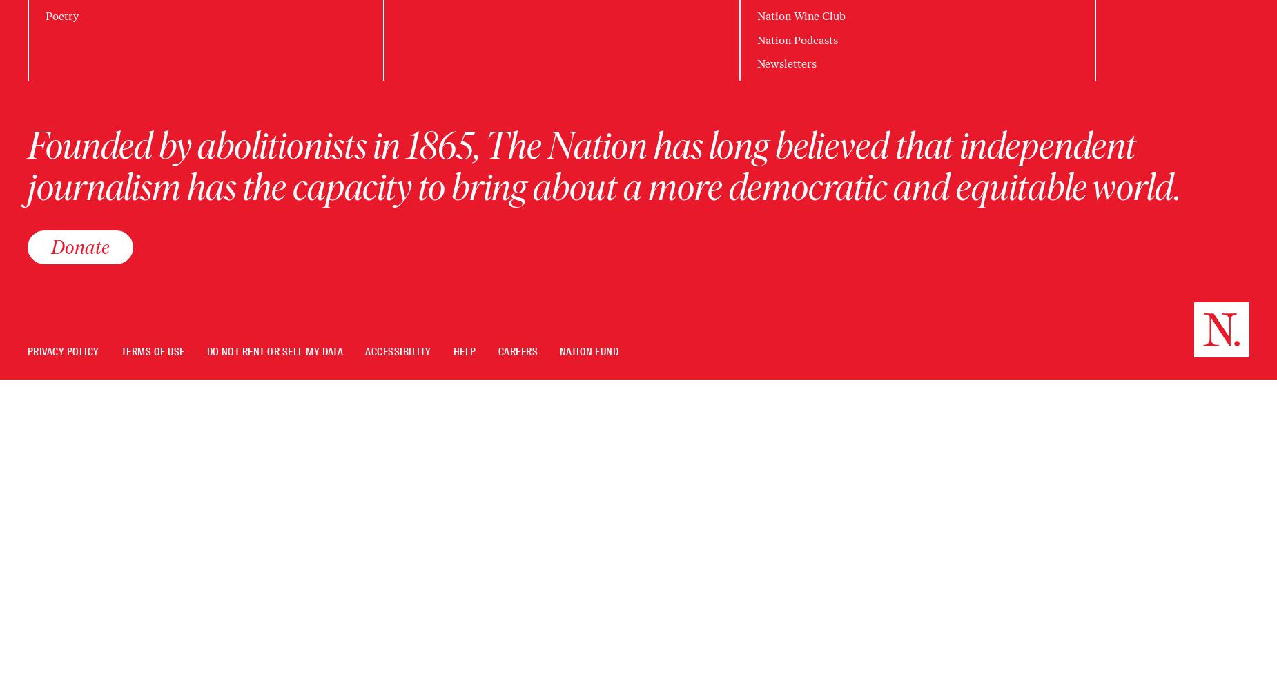 Image resolution: width=1277 pixels, height=690 pixels. What do you see at coordinates (799, 16) in the screenshot?
I see `'Nation Wine Club'` at bounding box center [799, 16].